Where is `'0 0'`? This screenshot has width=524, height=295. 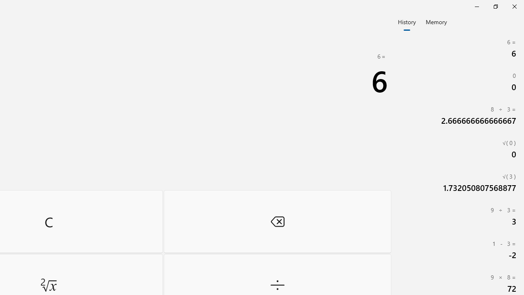 '0 0' is located at coordinates (458, 82).